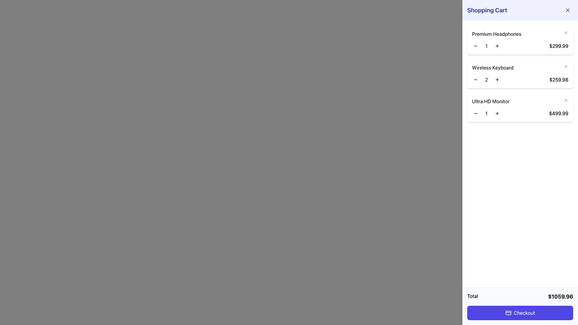 This screenshot has height=325, width=578. Describe the element at coordinates (558, 79) in the screenshot. I see `displayed price from the Text Label showing '$259.98', which is located next to the product title 'Wireless Keyboard' in the shopping cart interface` at that location.